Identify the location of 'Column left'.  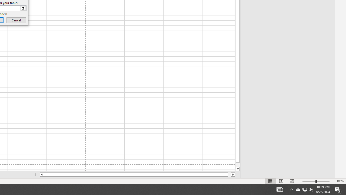
(41, 174).